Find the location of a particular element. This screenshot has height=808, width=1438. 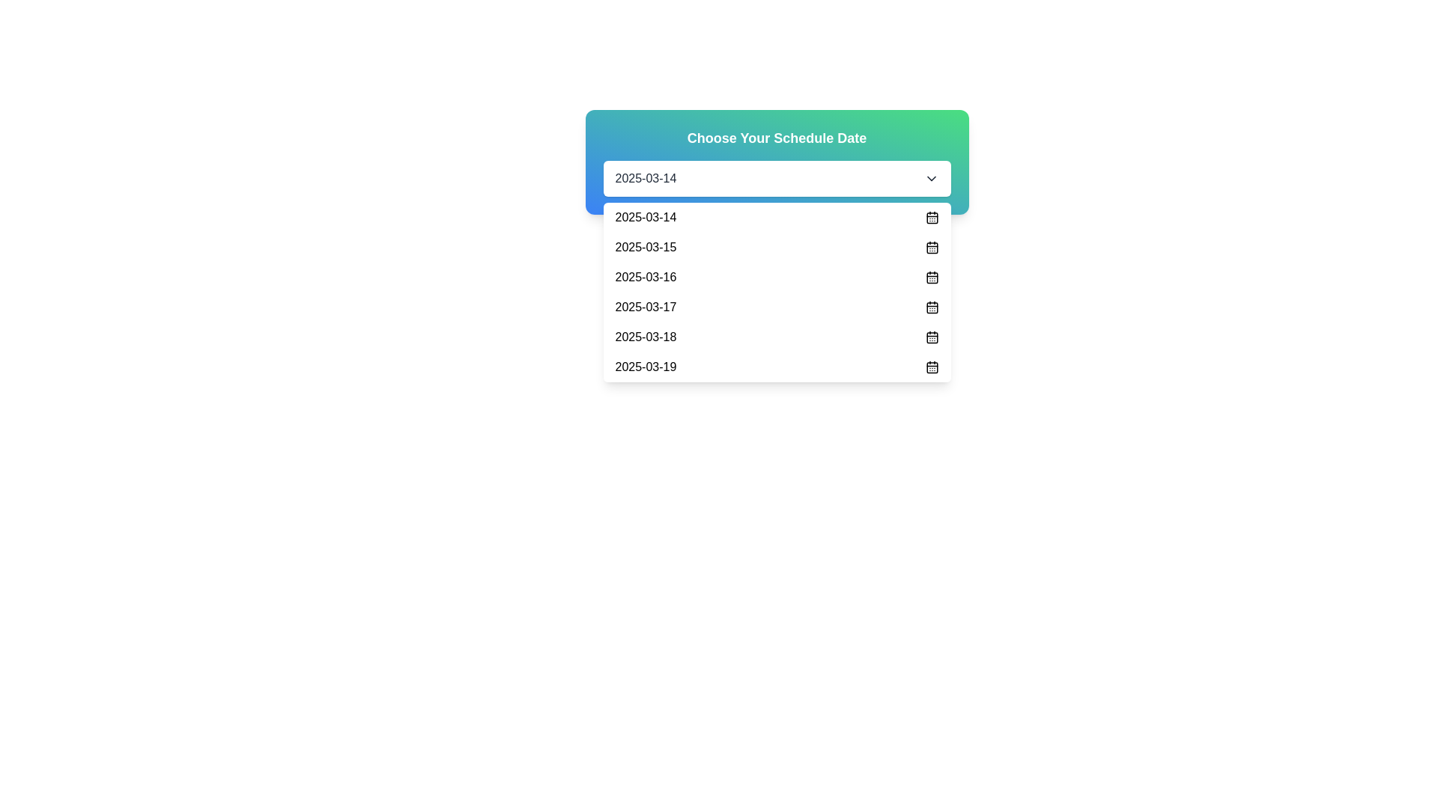

the Calendar body region icon, which is a small rectangular area with rounded corners styled as a calendar, located in the dropdown menu to the right of the date '2025-03-18' is located at coordinates (931, 337).